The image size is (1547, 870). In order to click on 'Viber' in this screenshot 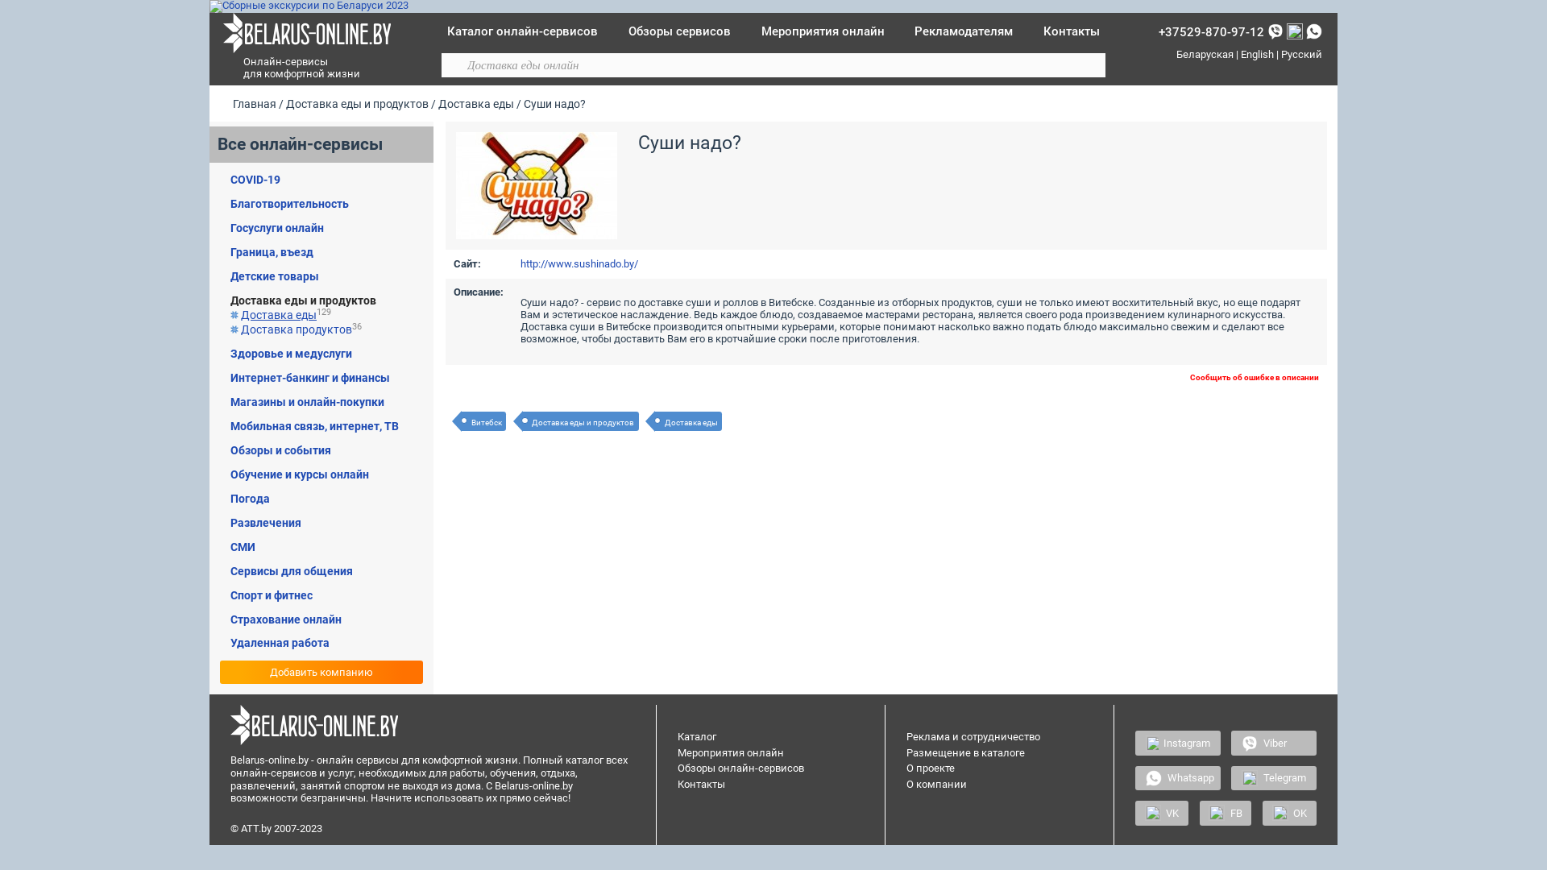, I will do `click(1272, 742)`.